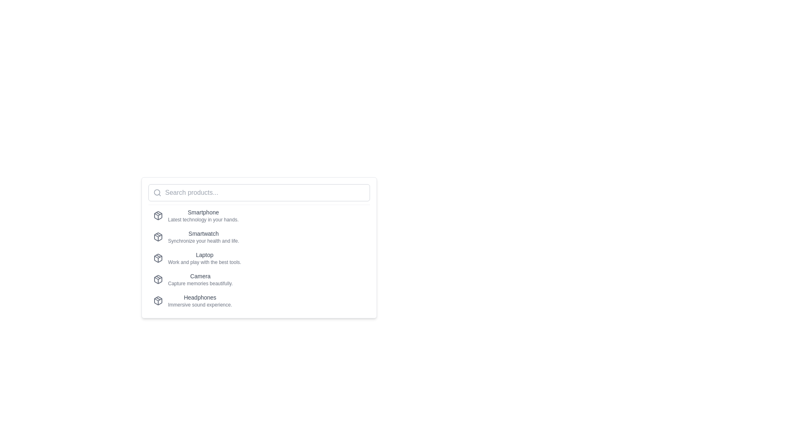 This screenshot has height=442, width=785. What do you see at coordinates (203, 219) in the screenshot?
I see `the text label that provides a description for the product 'Smartphone', which is the second element in the vertical list of product items` at bounding box center [203, 219].